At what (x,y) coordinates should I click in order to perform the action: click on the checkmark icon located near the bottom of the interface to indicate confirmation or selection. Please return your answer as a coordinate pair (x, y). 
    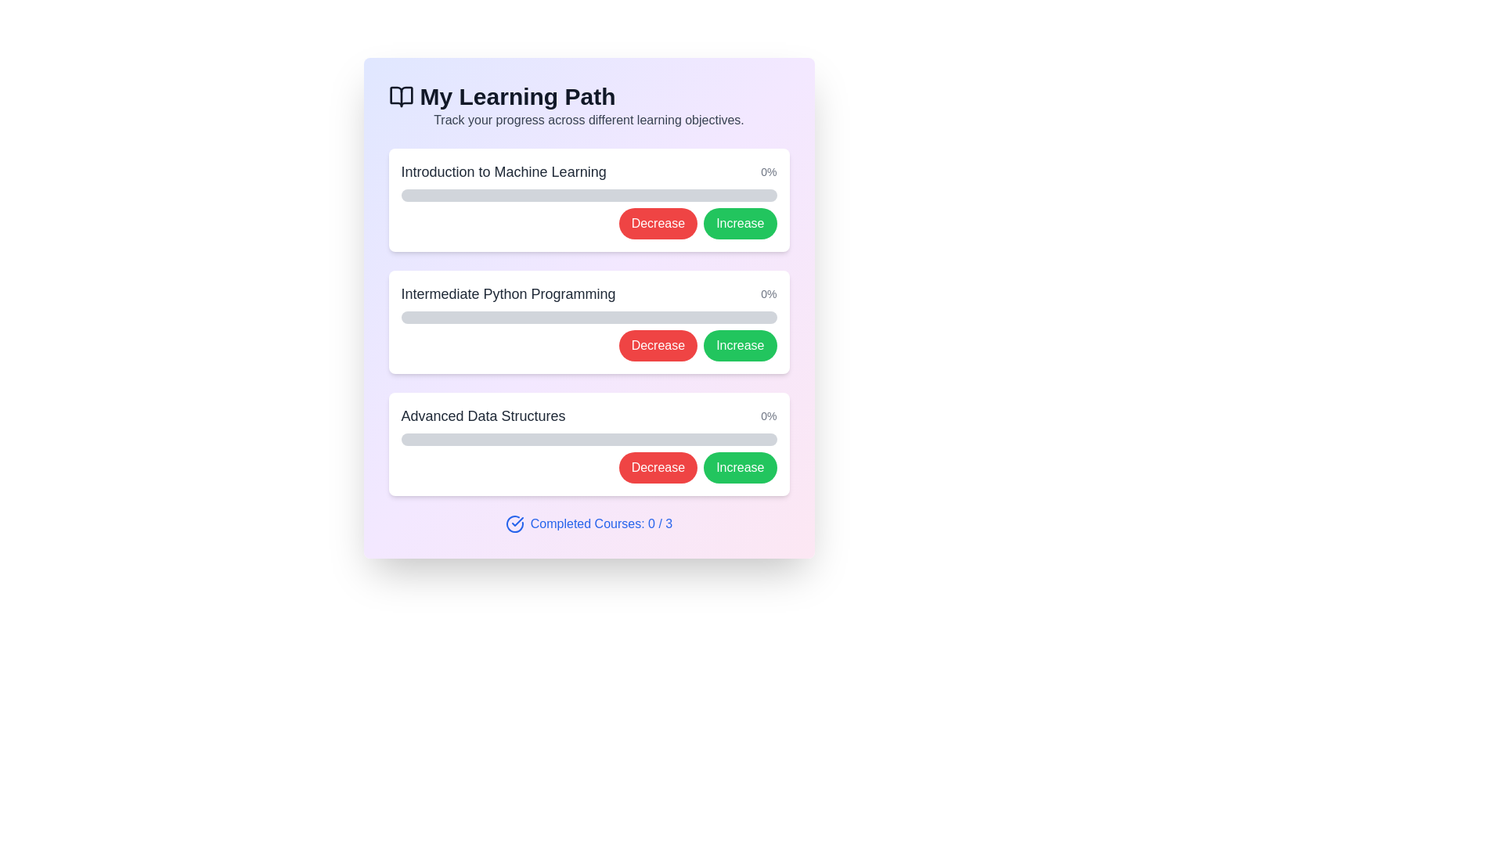
    Looking at the image, I should click on (517, 522).